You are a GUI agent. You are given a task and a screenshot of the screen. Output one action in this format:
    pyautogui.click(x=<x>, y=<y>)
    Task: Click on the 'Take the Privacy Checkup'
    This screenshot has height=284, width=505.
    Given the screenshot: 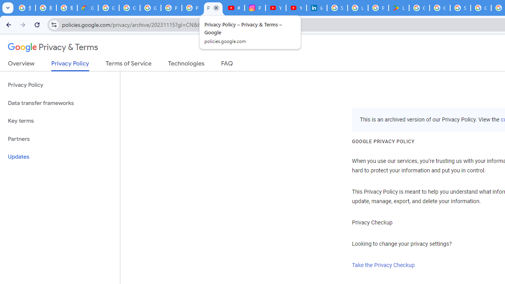 What is the action you would take?
    pyautogui.click(x=383, y=265)
    